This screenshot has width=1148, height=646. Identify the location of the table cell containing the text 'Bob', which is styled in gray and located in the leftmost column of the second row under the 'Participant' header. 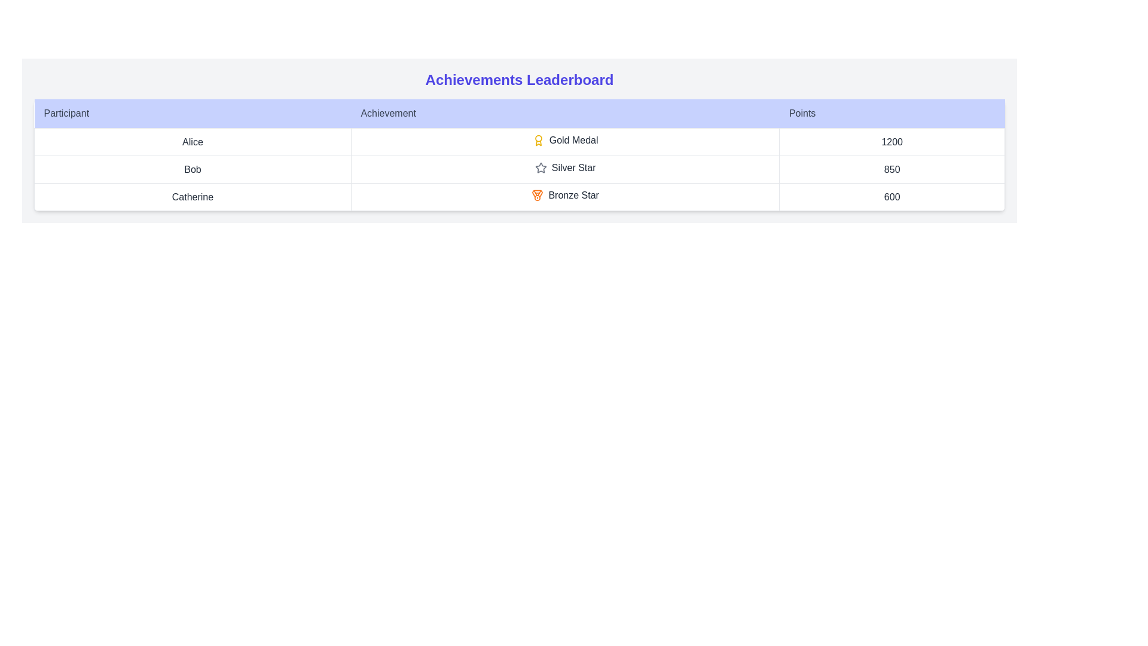
(193, 169).